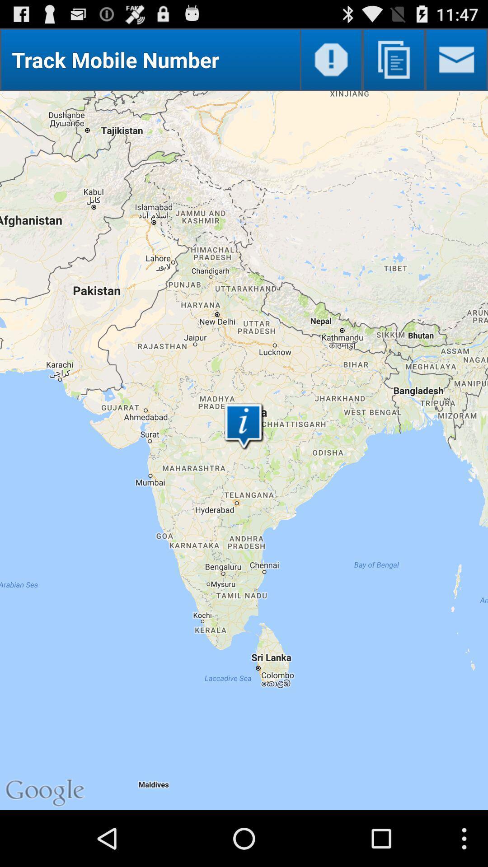 The width and height of the screenshot is (488, 867). What do you see at coordinates (456, 59) in the screenshot?
I see `new message` at bounding box center [456, 59].